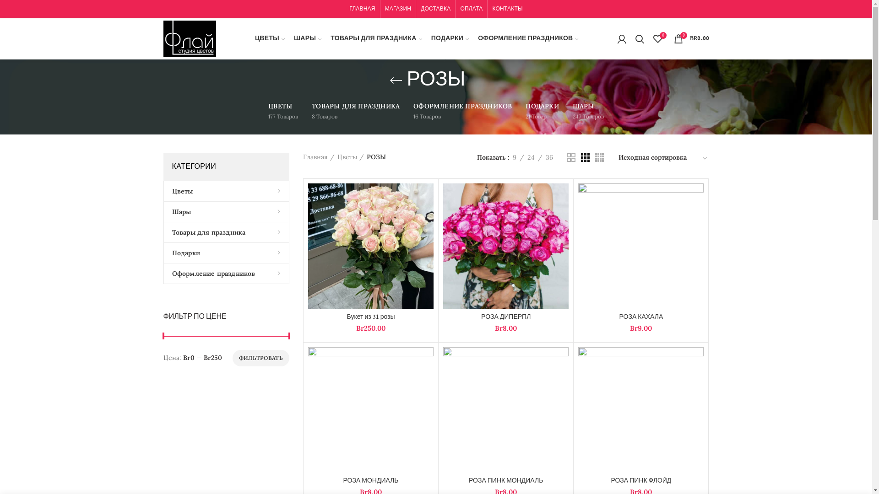 The image size is (879, 494). Describe the element at coordinates (523, 156) in the screenshot. I see `'24'` at that location.